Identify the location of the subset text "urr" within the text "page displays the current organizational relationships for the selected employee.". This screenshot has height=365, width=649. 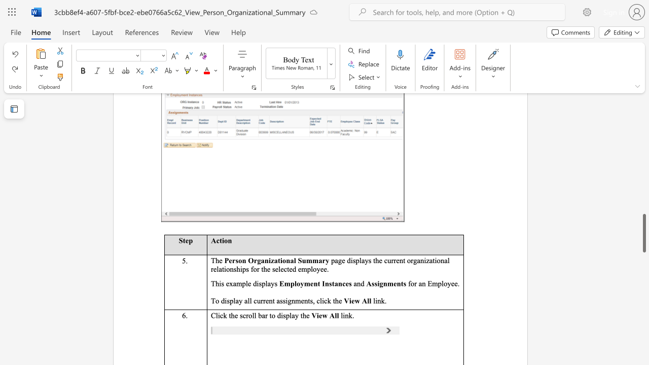
(387, 260).